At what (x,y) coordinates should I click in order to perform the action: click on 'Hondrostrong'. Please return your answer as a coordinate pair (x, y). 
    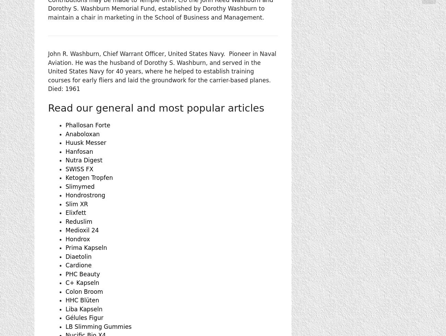
    Looking at the image, I should click on (85, 195).